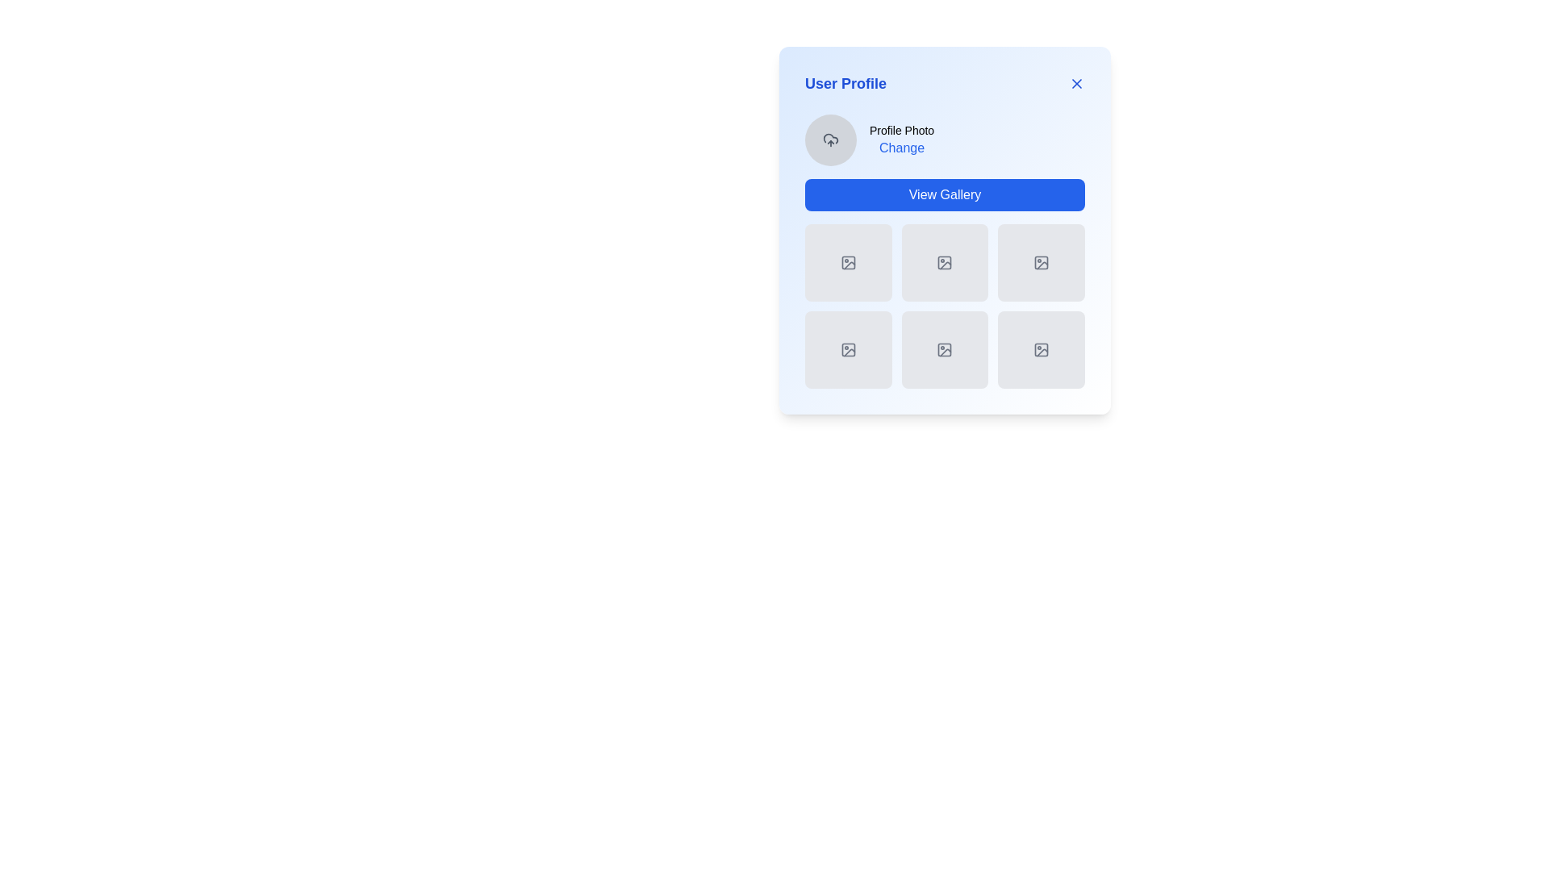 This screenshot has width=1549, height=871. What do you see at coordinates (945, 194) in the screenshot?
I see `the button located below the text 'Profile Photo' and 'Change' to observe the hover effect` at bounding box center [945, 194].